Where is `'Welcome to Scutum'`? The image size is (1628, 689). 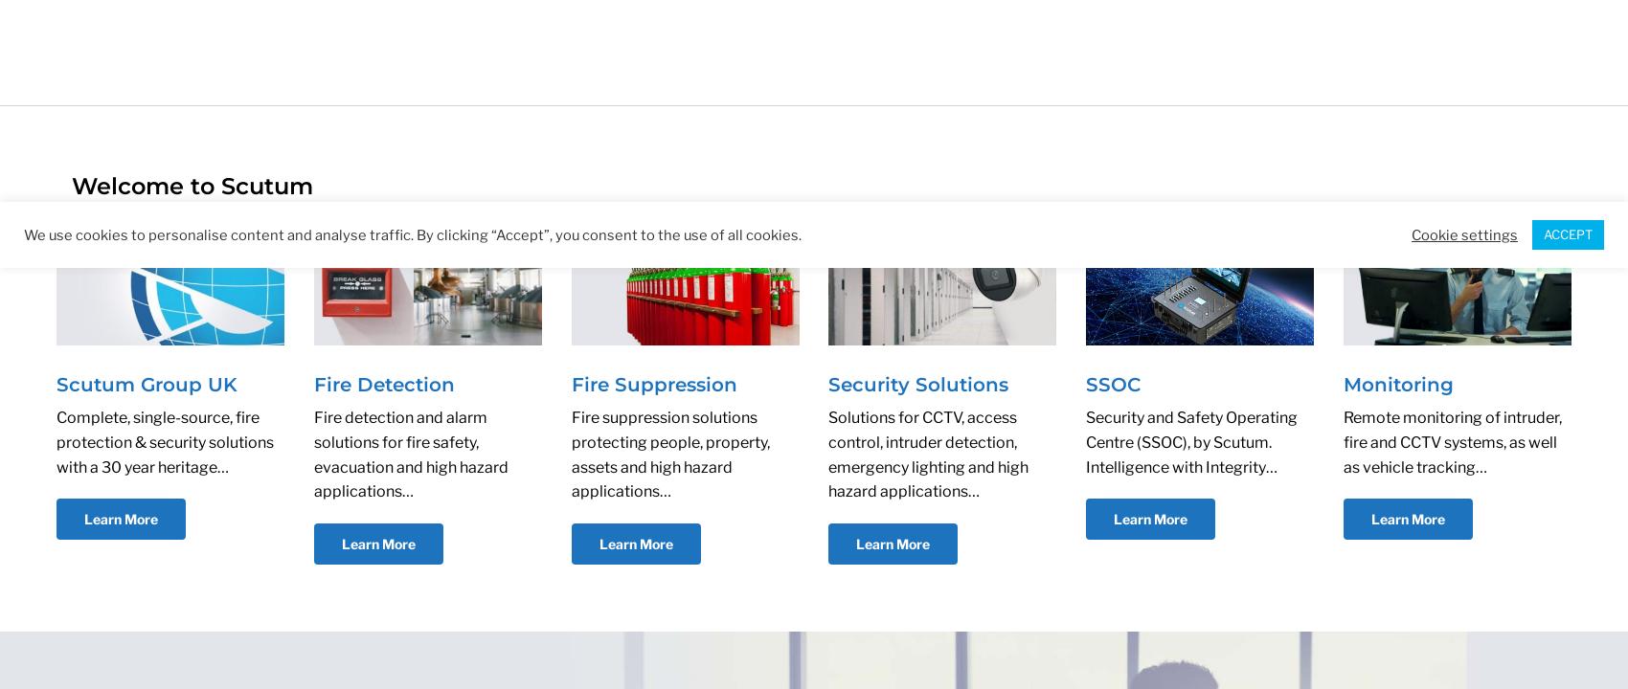
'Welcome to Scutum' is located at coordinates (190, 186).